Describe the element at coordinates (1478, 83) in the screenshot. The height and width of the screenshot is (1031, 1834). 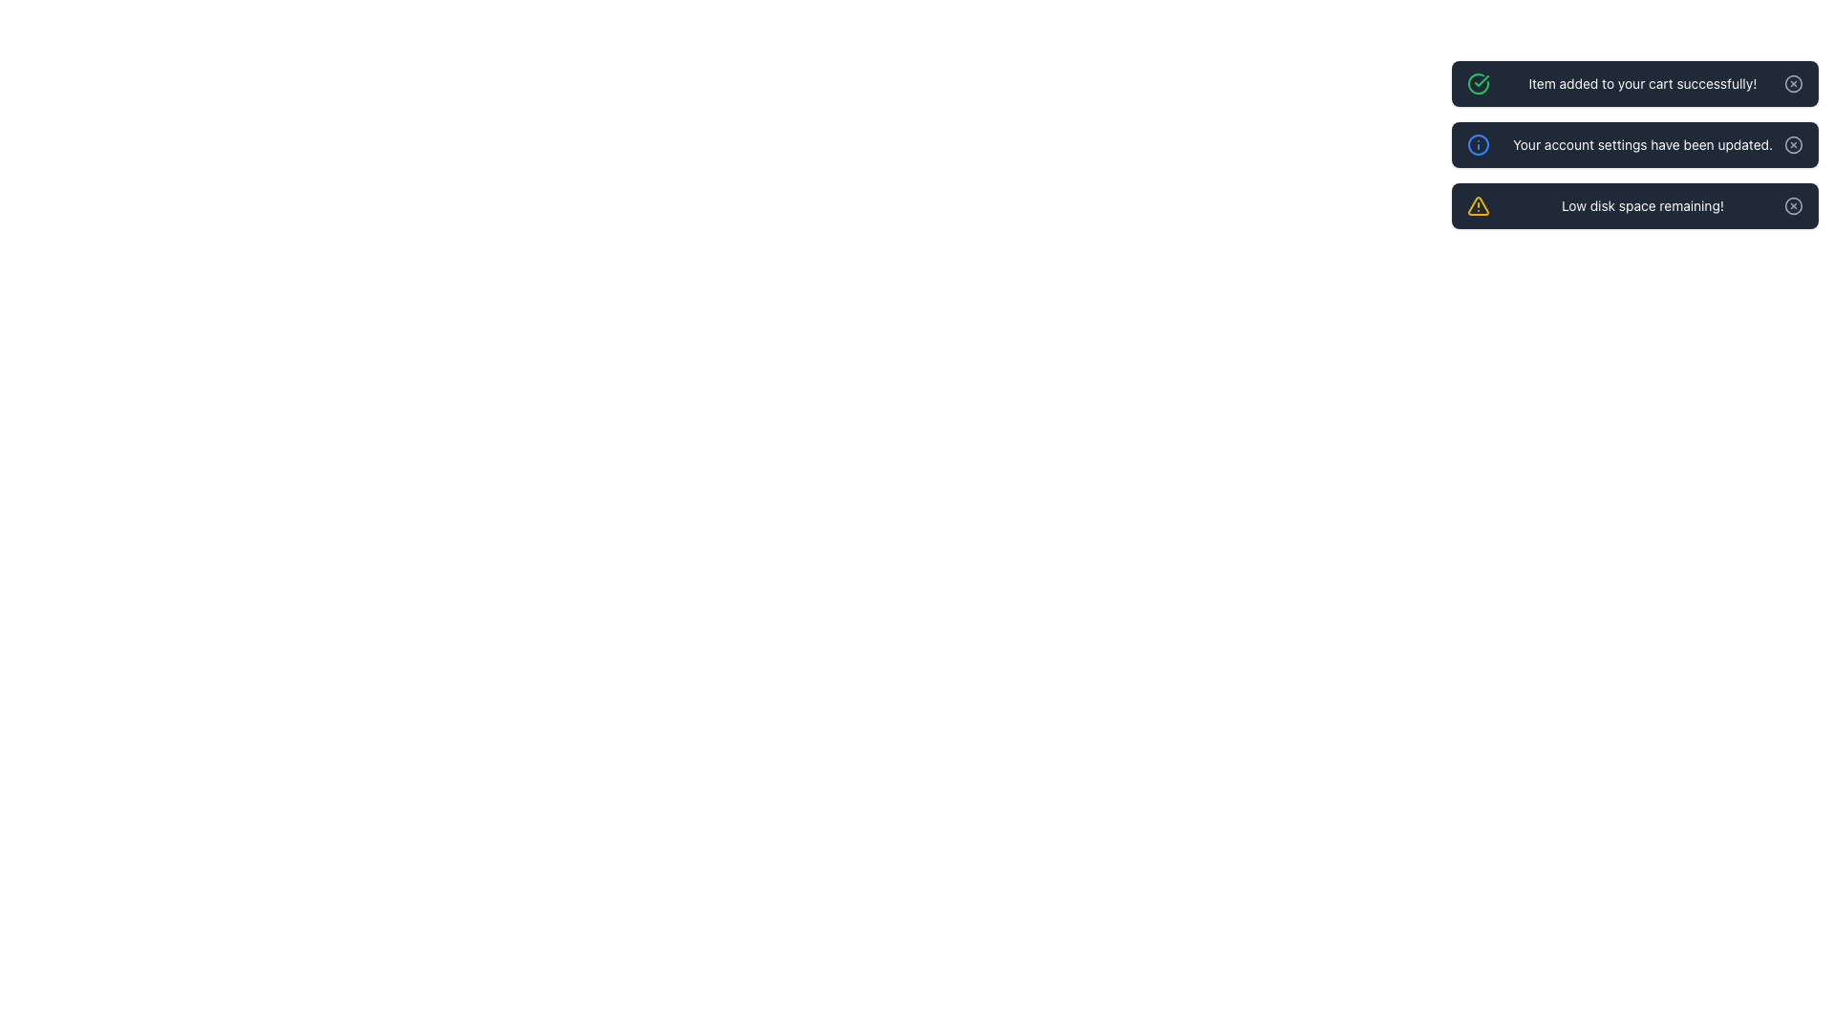
I see `the green circular icon with a check mark, which is positioned to the left of the notification text 'Item added to your cart successfully!'` at that location.